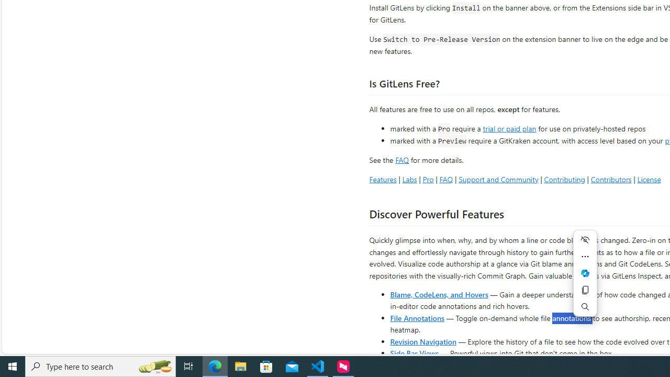  I want to click on 'Revision Navigation', so click(423, 341).